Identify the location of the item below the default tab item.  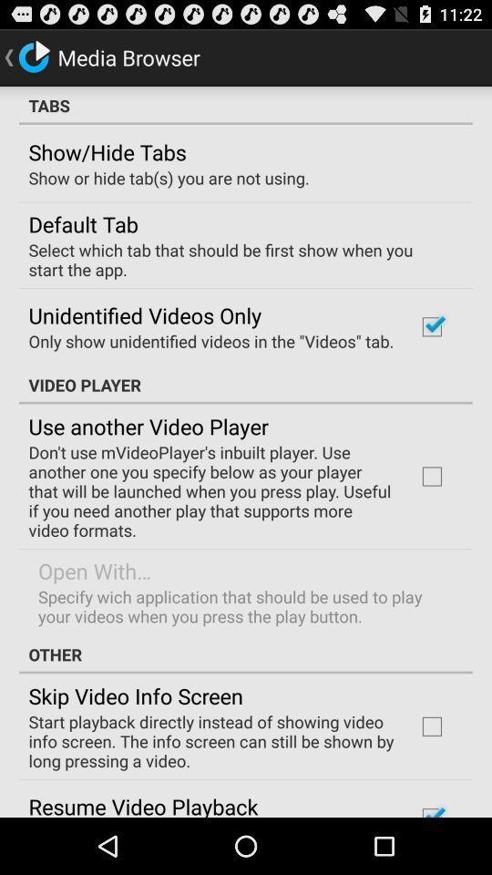
(240, 258).